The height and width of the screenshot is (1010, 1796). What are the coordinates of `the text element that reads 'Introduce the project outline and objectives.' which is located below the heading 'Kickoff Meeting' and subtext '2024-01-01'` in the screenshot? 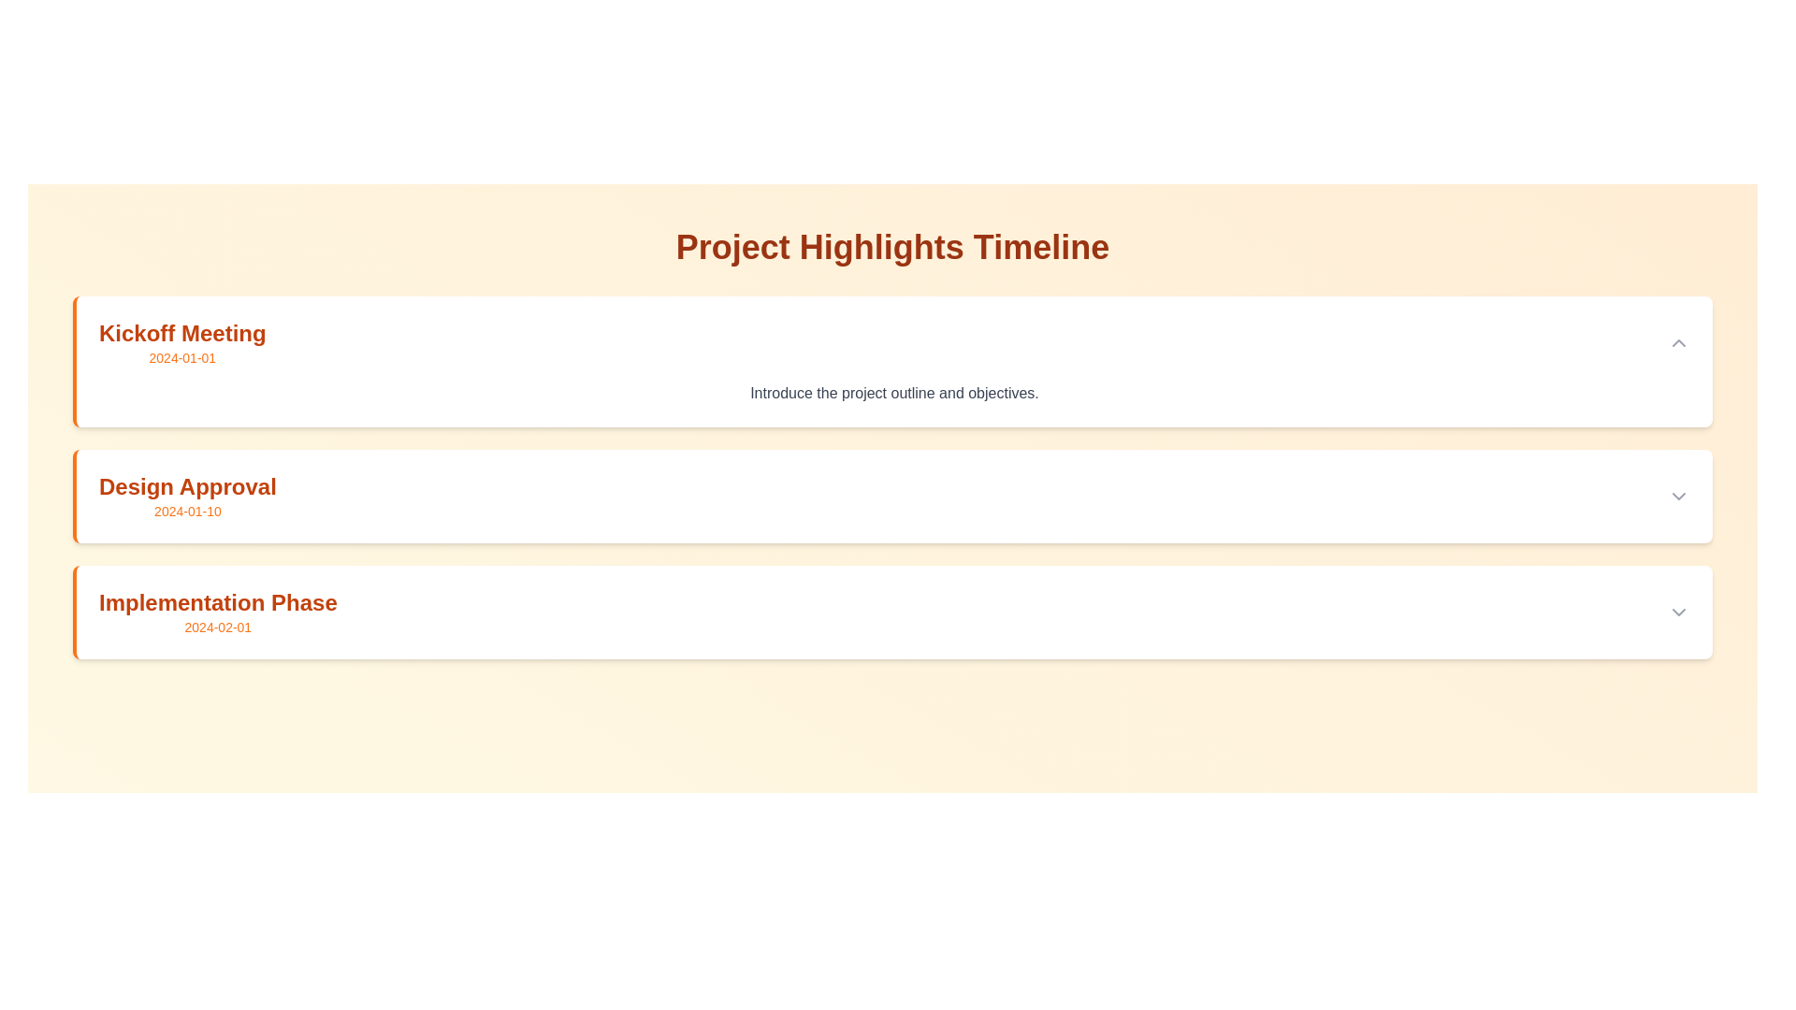 It's located at (893, 392).